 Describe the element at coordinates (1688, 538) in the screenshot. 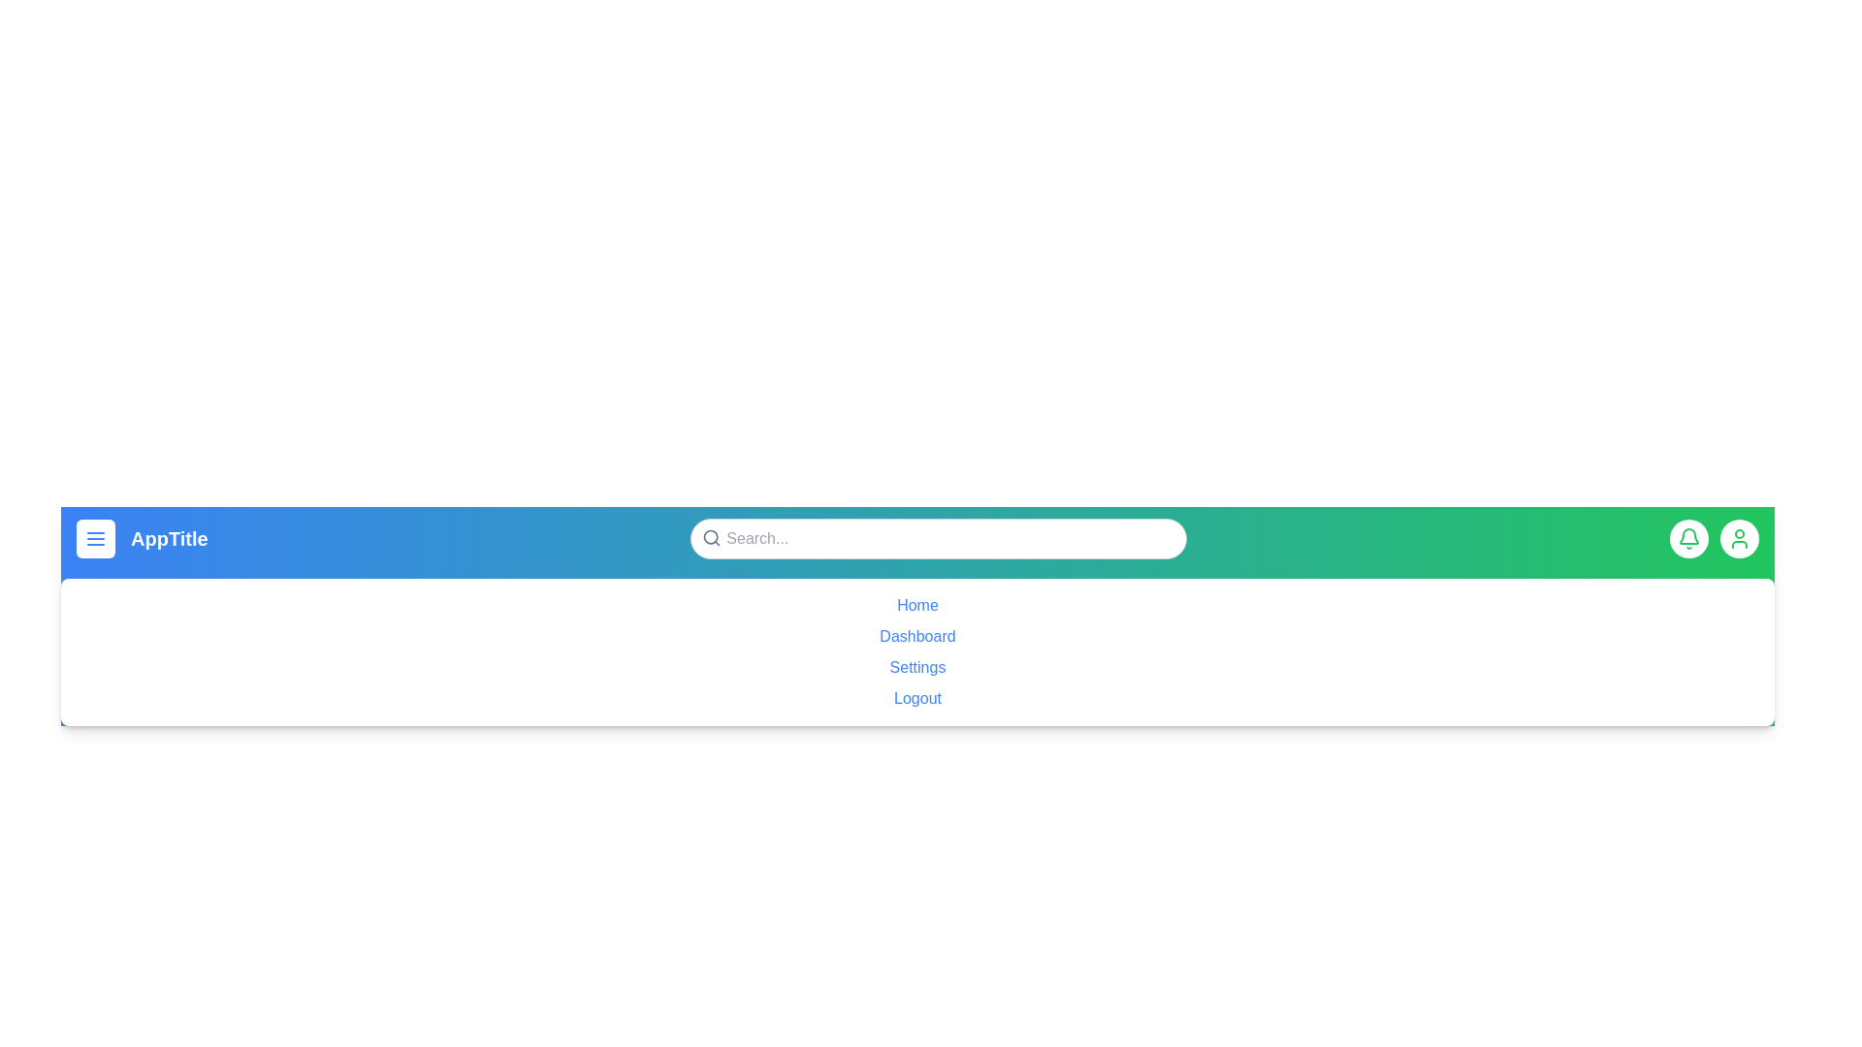

I see `the bell icon to access notifications` at that location.